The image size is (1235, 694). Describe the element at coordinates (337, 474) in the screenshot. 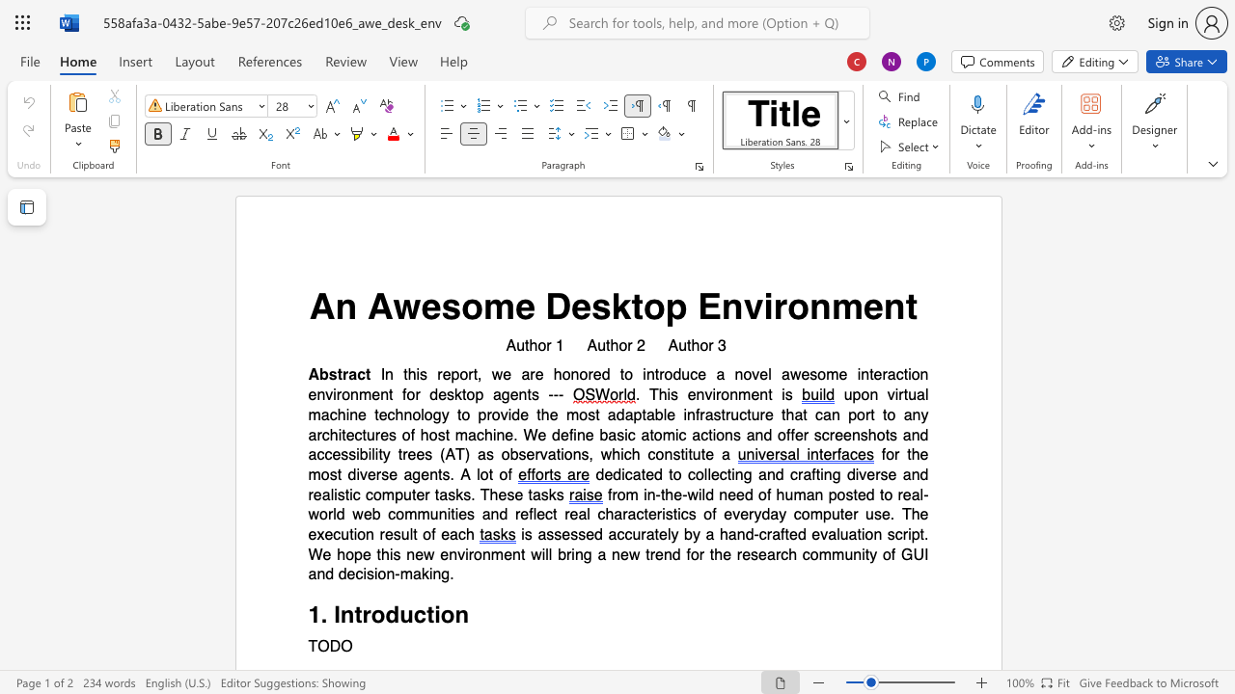

I see `the subset text "t diverse agents. A l" within the text "for the most diverse agents. A lot of"` at that location.